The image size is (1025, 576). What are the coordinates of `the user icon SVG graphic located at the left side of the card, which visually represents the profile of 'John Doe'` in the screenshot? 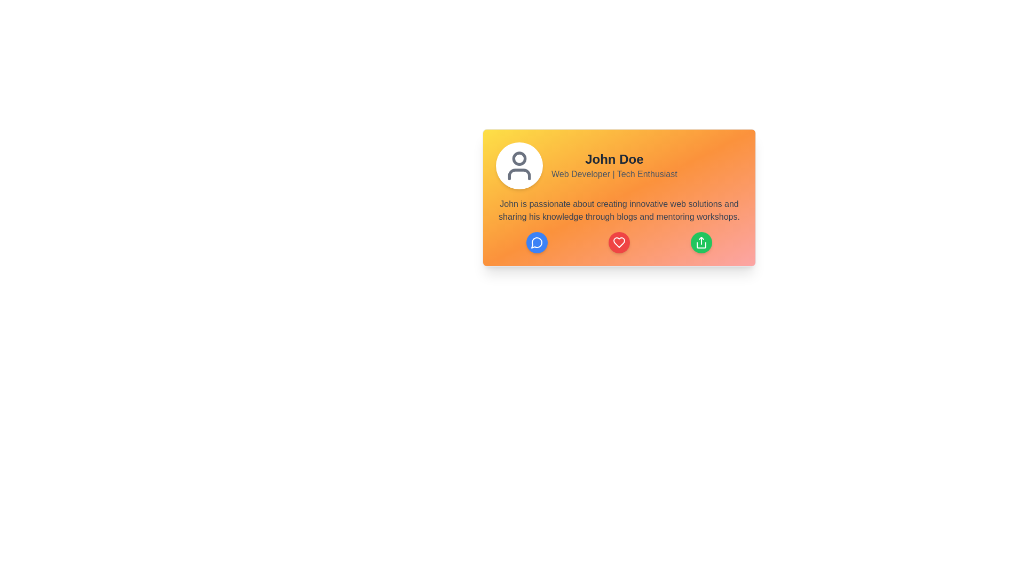 It's located at (519, 174).